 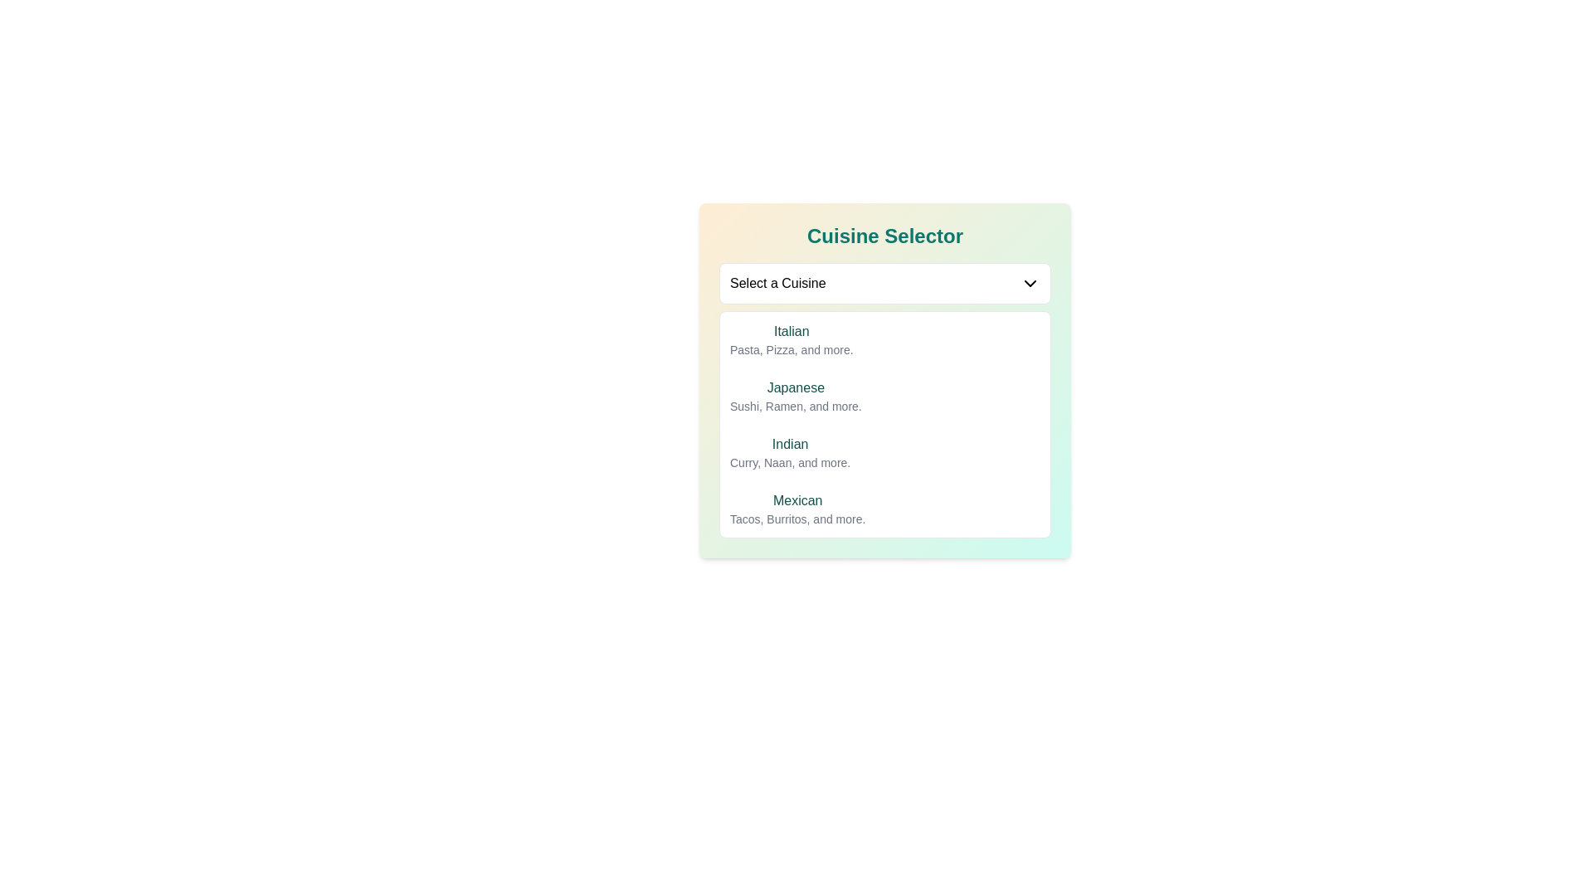 What do you see at coordinates (795, 397) in the screenshot?
I see `the 'Japanese' option in the 'Cuisine Selector' dropdown menu` at bounding box center [795, 397].